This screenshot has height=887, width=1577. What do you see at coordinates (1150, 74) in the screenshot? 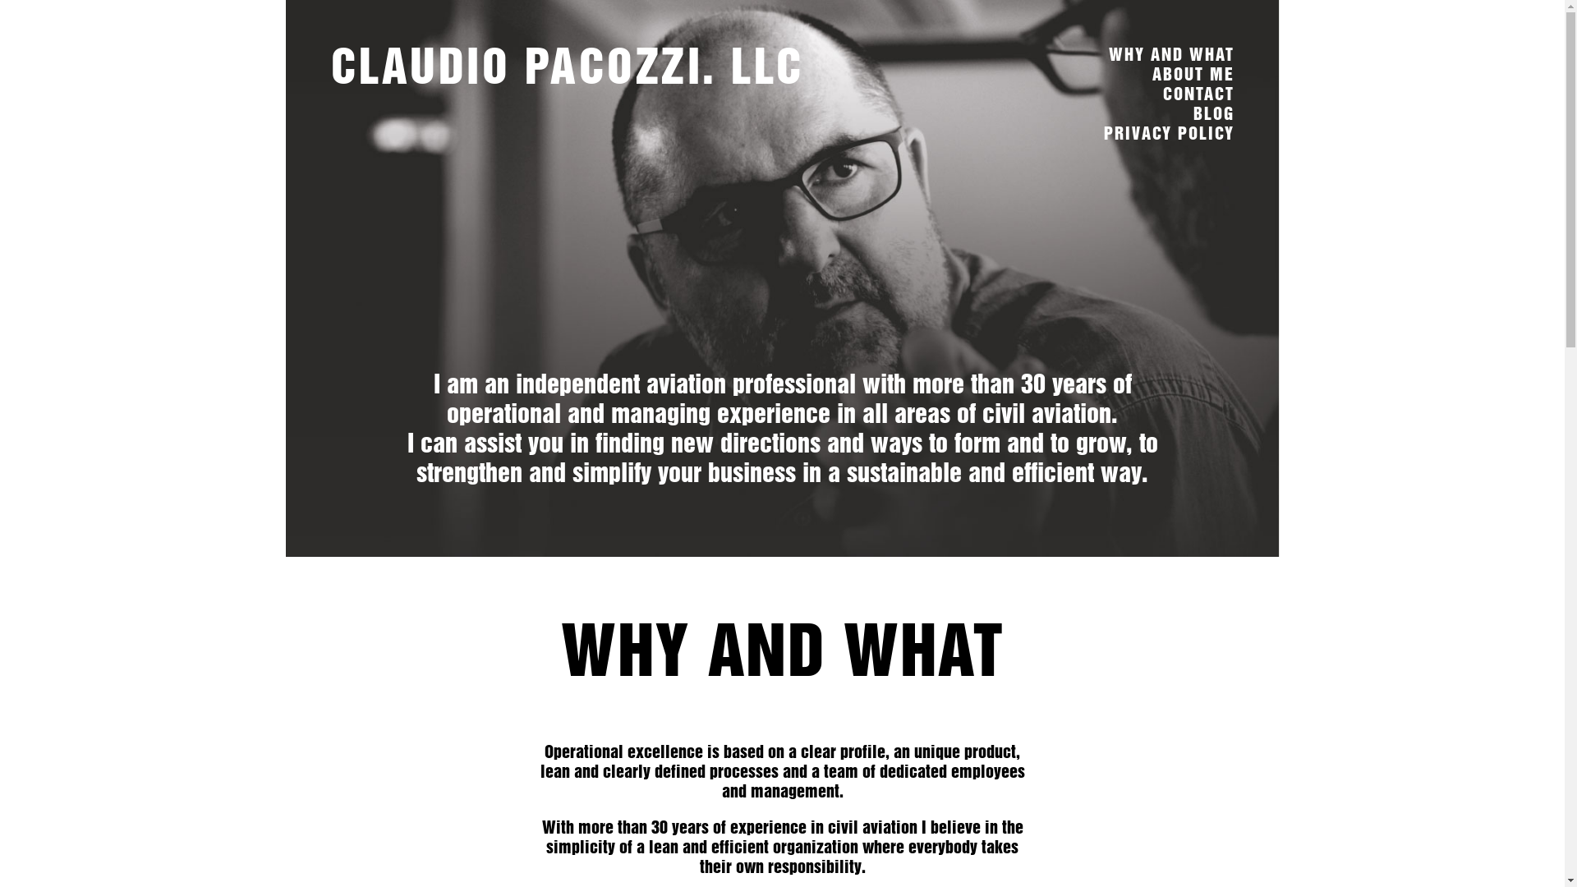
I see `'ABOUT ME'` at bounding box center [1150, 74].